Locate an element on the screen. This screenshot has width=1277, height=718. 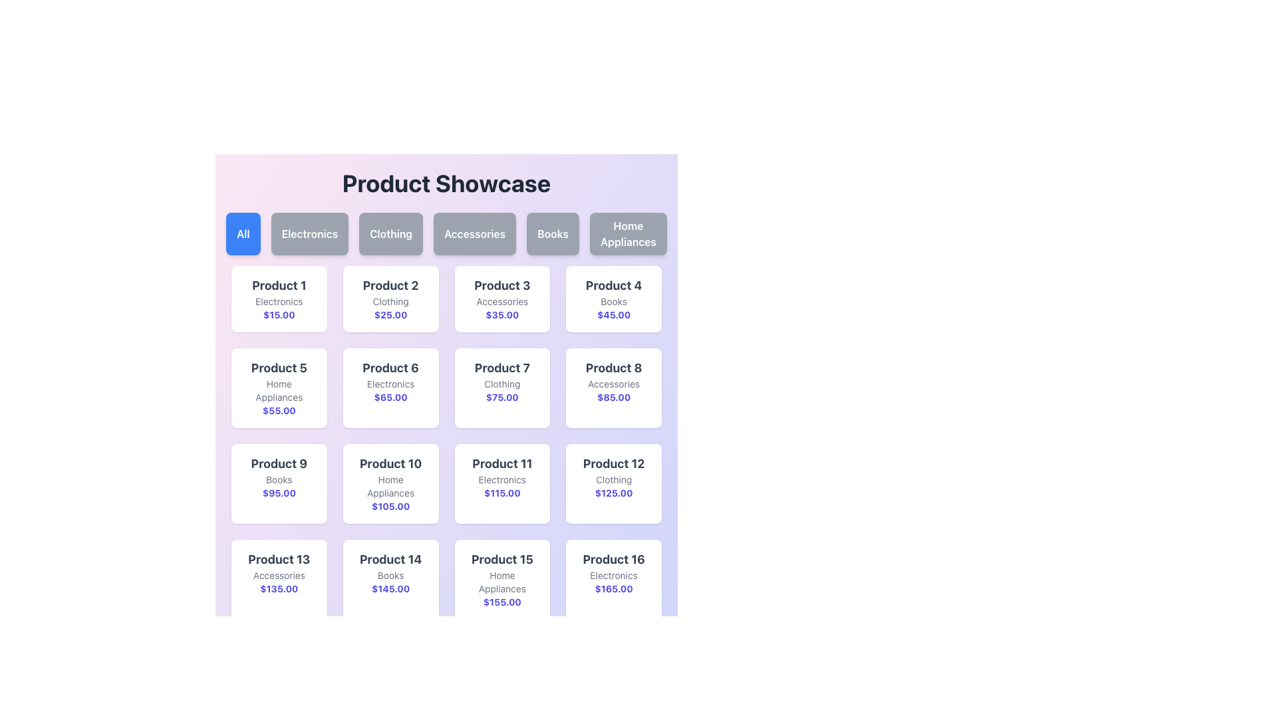
the third product card in the grid layout, which contains information about a specific product and is located between 'Product 2' and 'Product 4' is located at coordinates (501, 299).